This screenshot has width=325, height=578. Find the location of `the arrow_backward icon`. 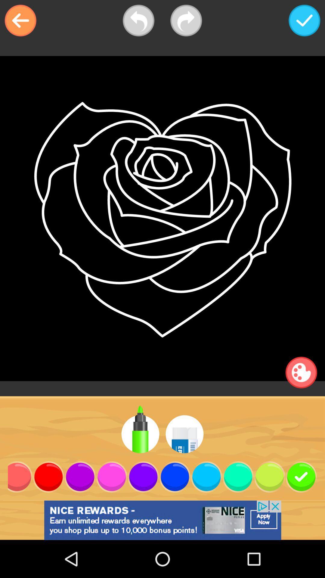

the arrow_backward icon is located at coordinates (20, 20).